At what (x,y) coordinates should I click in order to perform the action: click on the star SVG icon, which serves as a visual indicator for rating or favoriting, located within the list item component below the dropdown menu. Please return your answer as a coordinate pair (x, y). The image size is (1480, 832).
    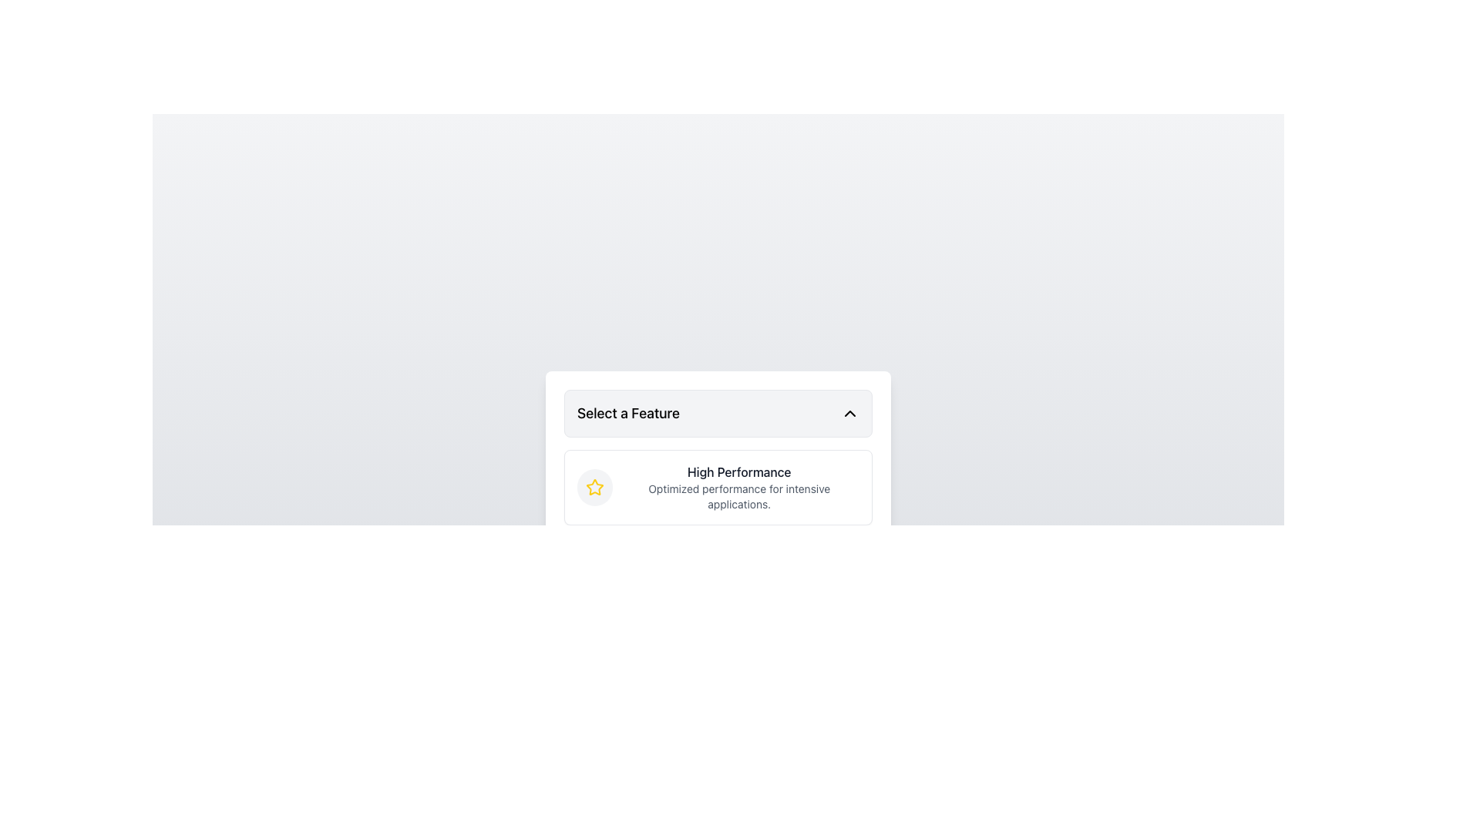
    Looking at the image, I should click on (594, 487).